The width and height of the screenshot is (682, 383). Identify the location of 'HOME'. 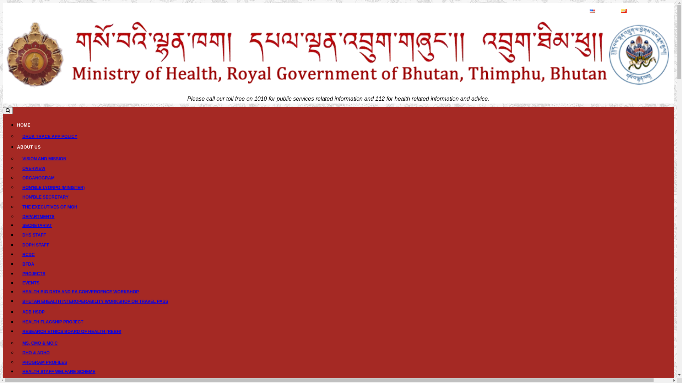
(24, 125).